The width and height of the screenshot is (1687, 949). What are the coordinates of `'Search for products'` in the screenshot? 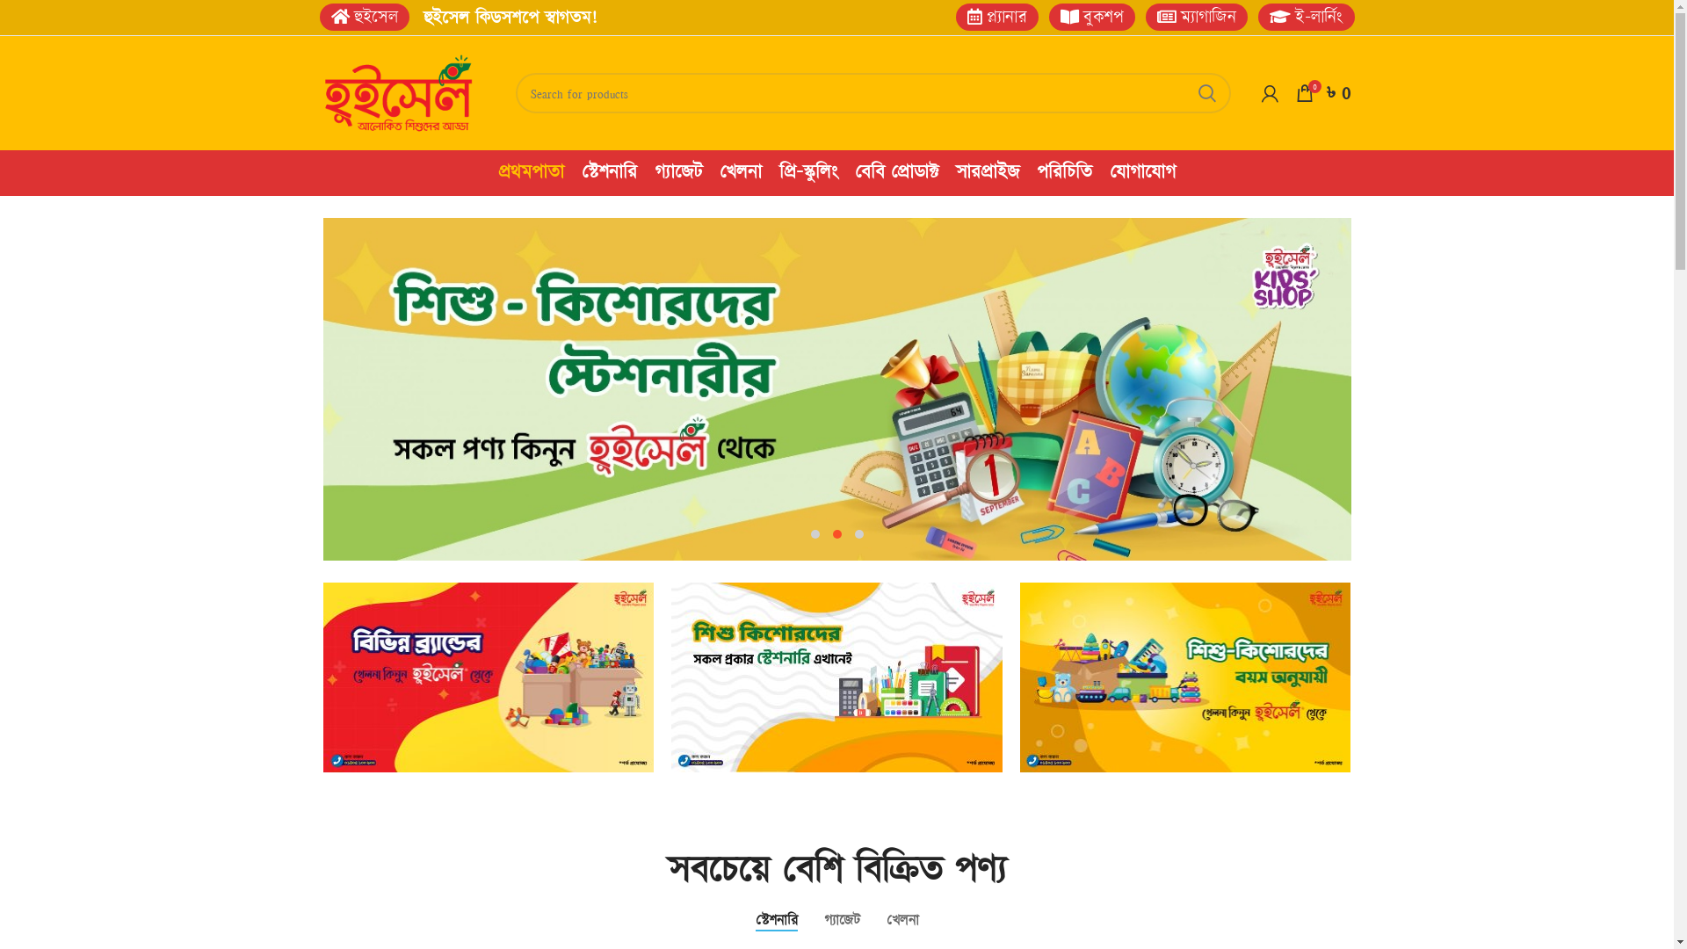 It's located at (872, 92).